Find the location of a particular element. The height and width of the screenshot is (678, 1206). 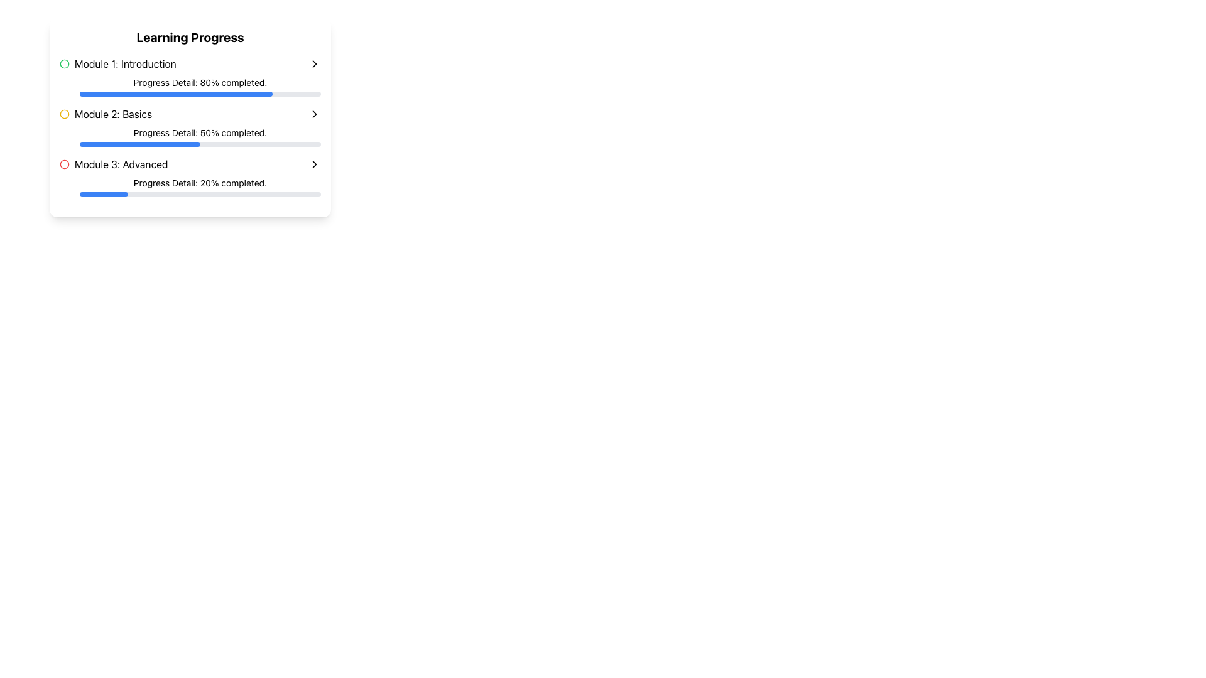

progress text from the progress detail element labeled 'Progress Detail: 50% completed.' located under the heading 'Module 2: Basics' is located at coordinates (189, 137).